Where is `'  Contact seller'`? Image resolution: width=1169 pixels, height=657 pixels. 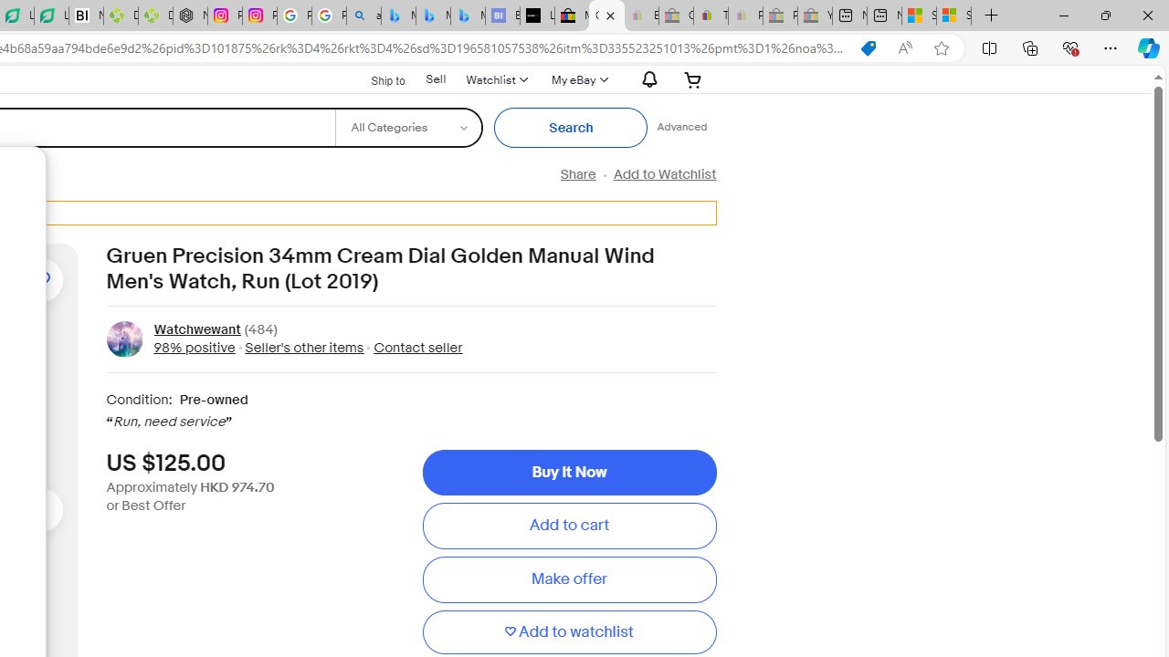 '  Contact seller' is located at coordinates (412, 347).